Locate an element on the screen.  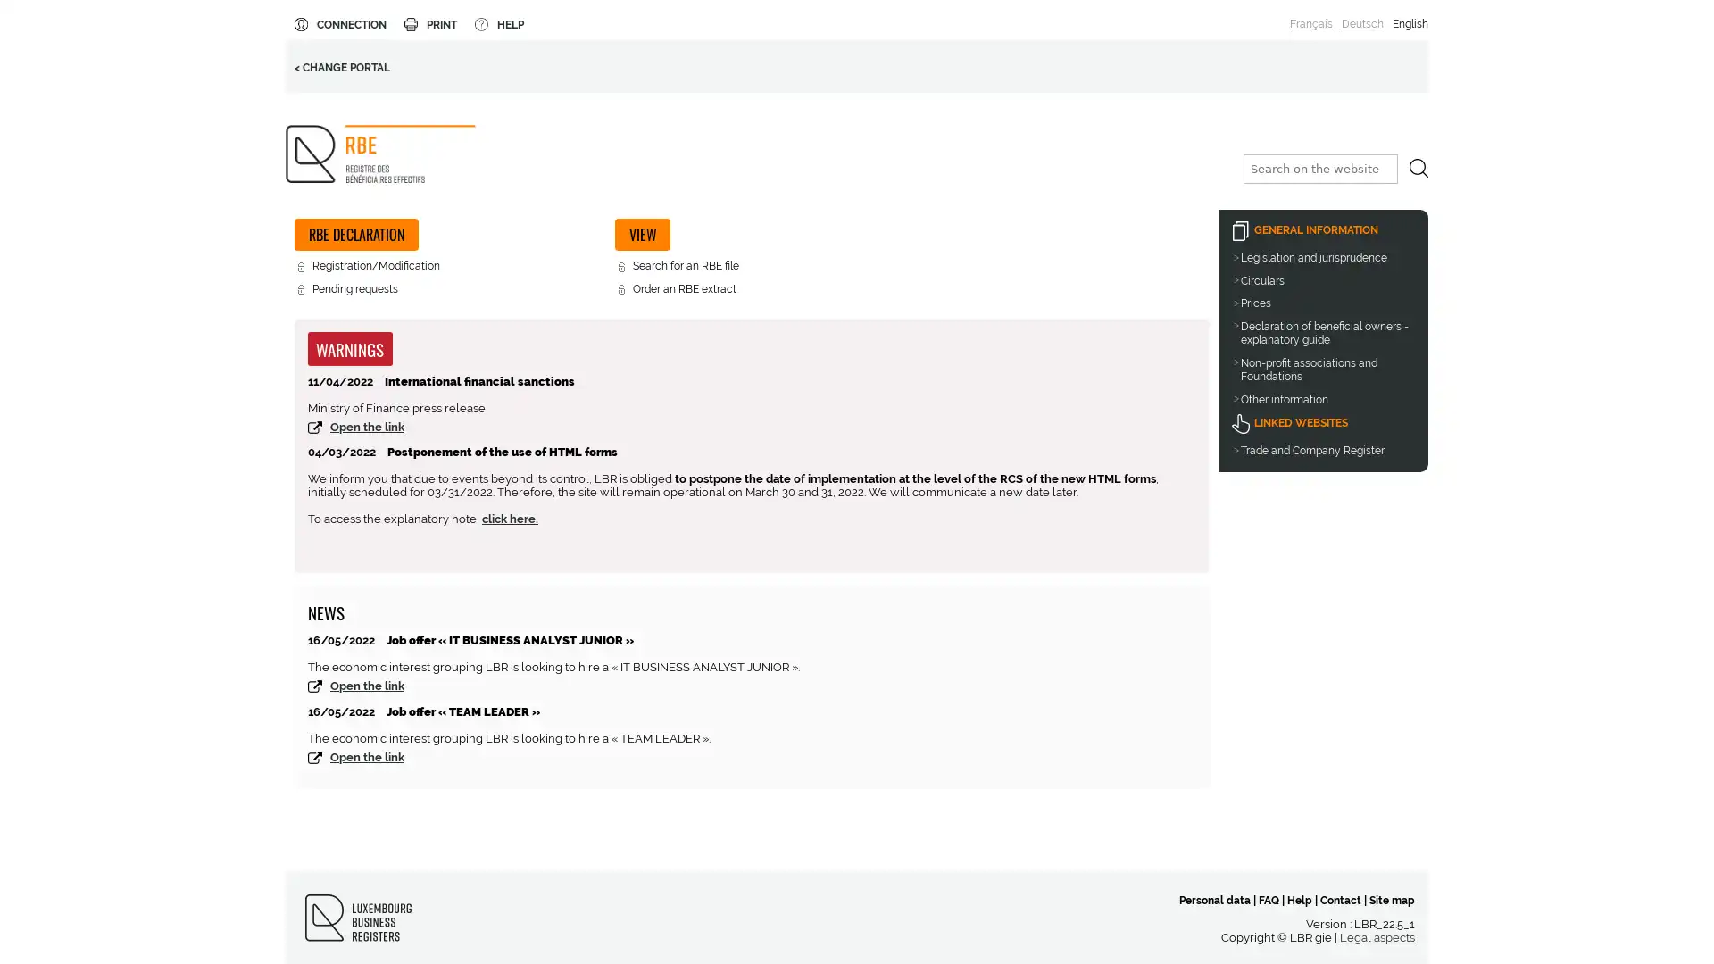
Start search is located at coordinates (1418, 168).